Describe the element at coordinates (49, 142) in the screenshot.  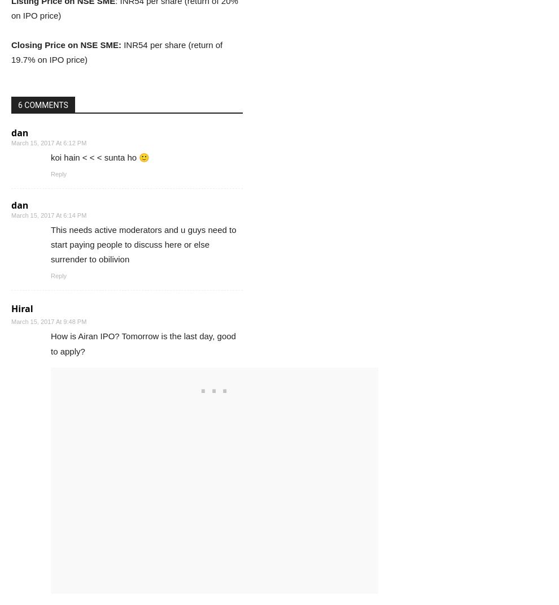
I see `'March 15, 2017 At 6:12 PM'` at that location.